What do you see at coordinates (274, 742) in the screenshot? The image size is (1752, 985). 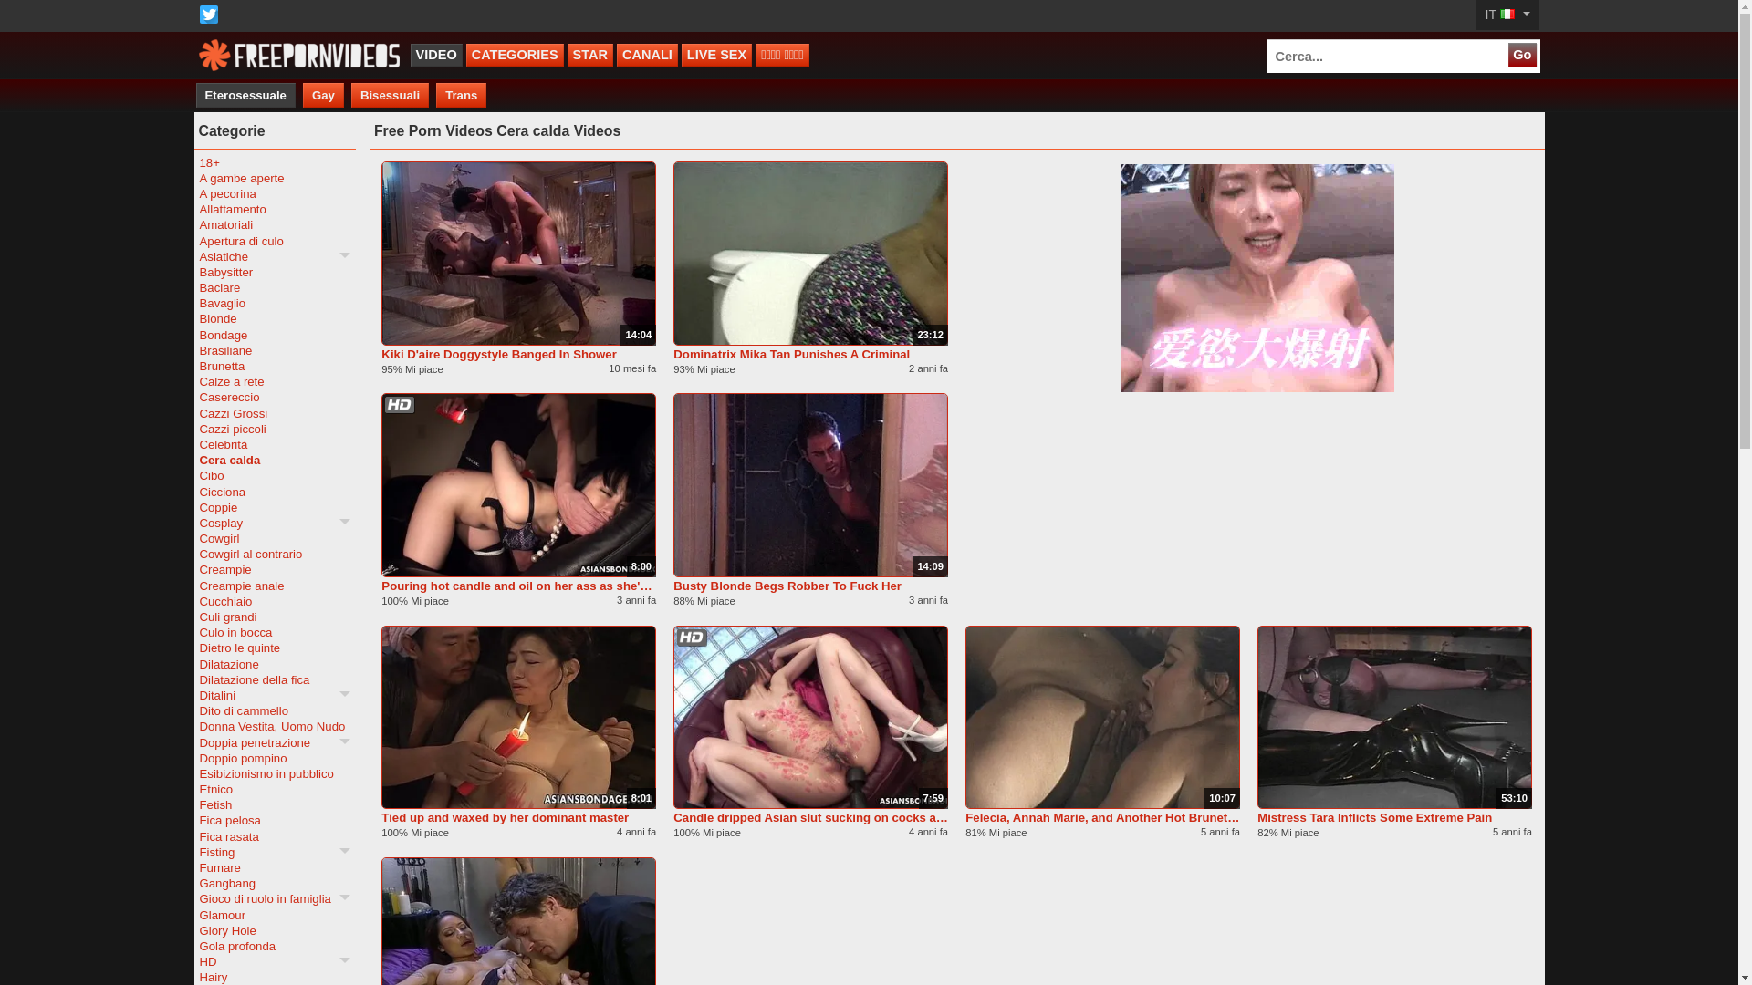 I see `'Doppia penetrazione'` at bounding box center [274, 742].